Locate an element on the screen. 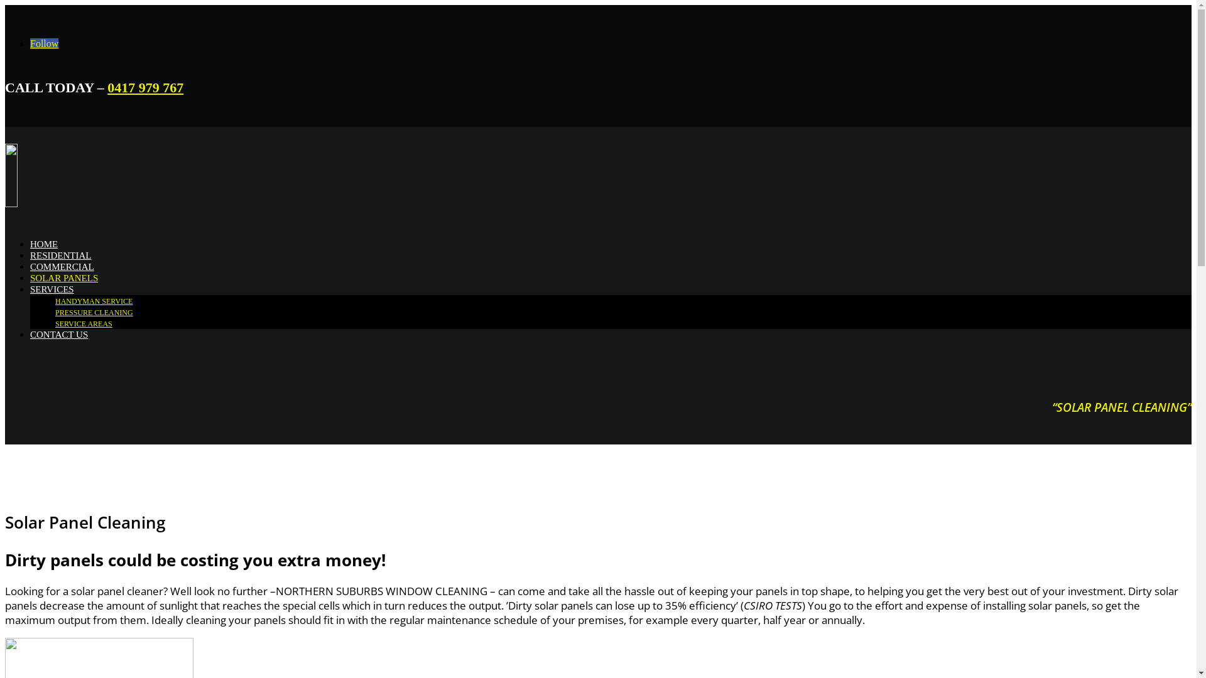 This screenshot has width=1206, height=678. 'headway-imported-image' is located at coordinates (105, 175).